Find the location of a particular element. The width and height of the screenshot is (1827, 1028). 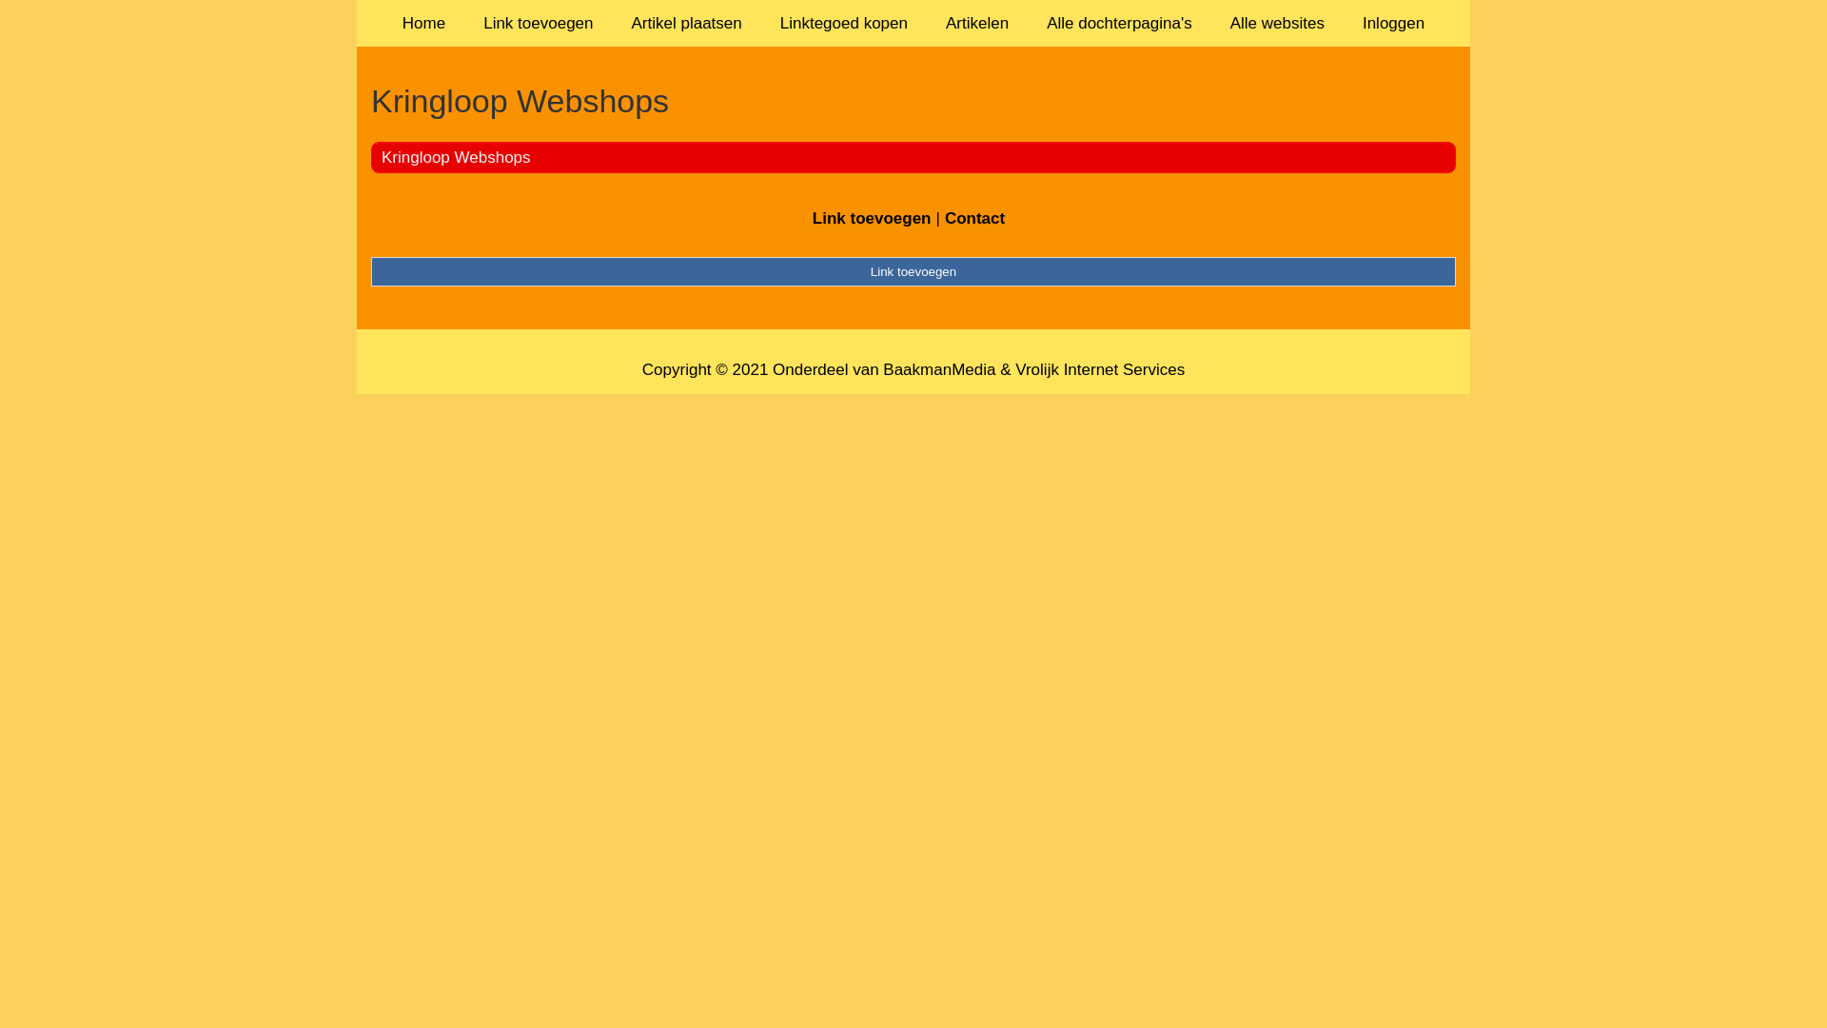

'Vrolijk Internet Services' is located at coordinates (1100, 369).